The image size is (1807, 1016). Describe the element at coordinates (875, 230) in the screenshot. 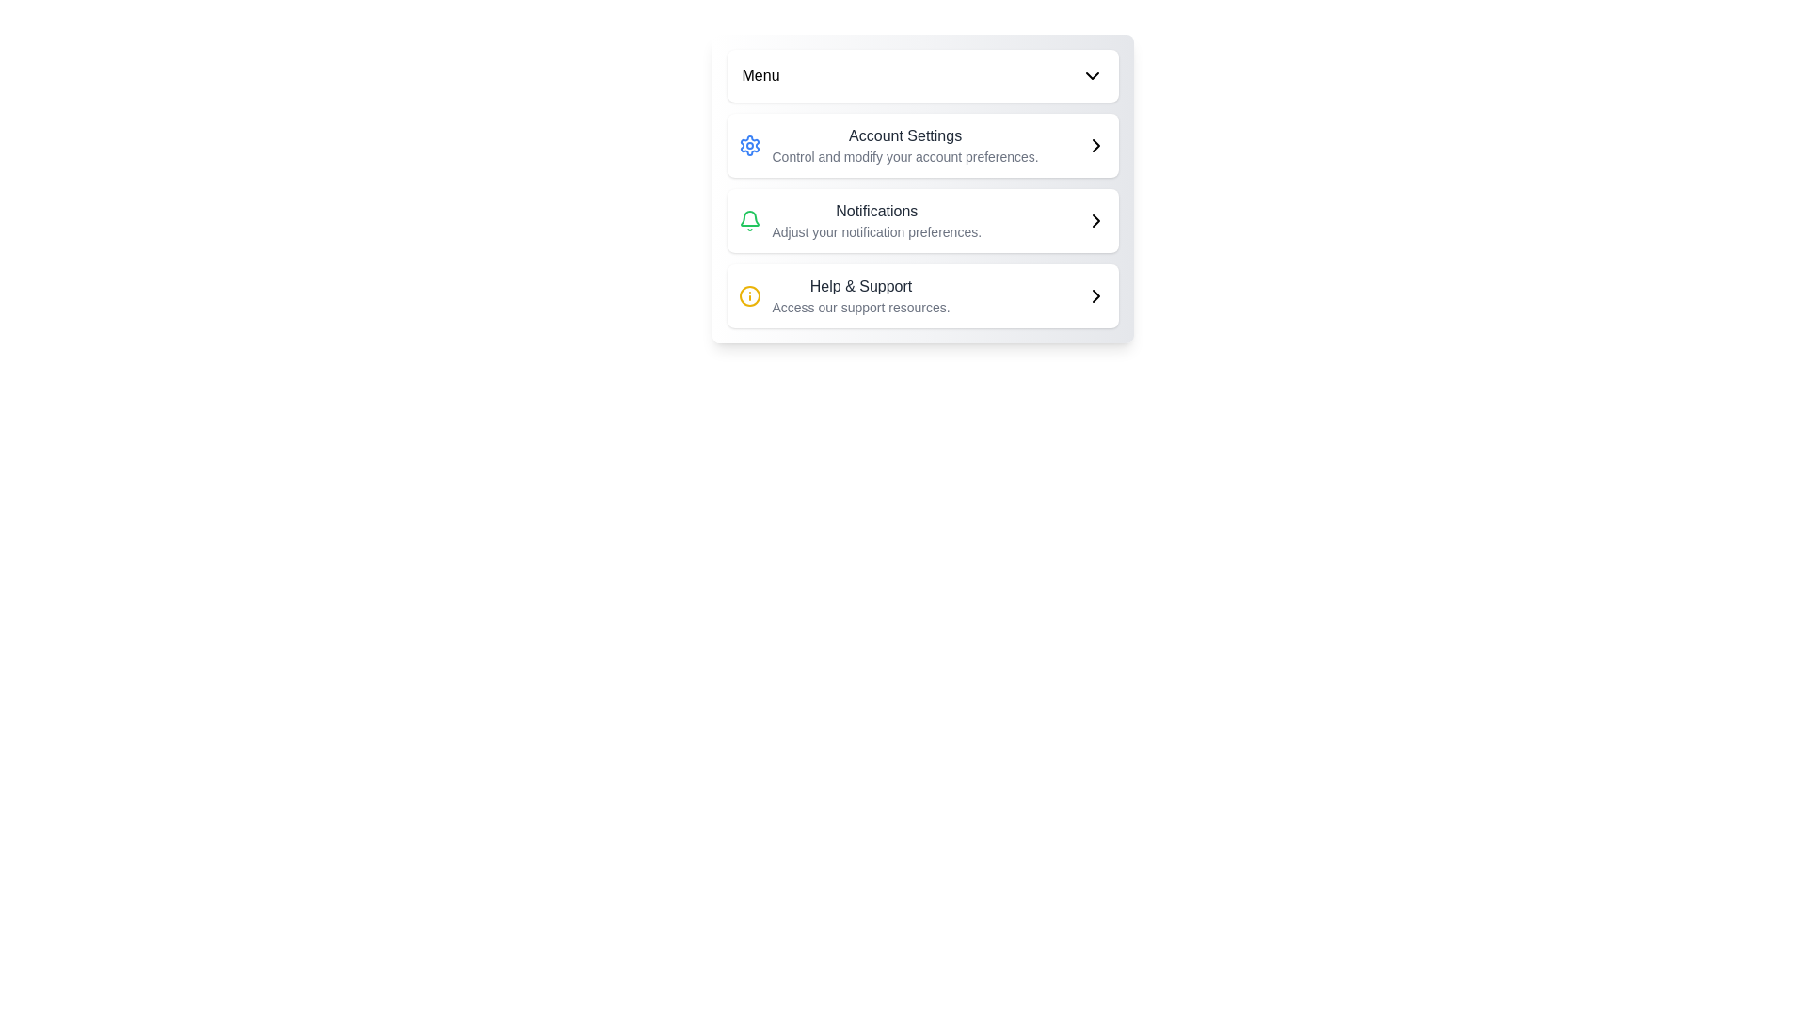

I see `the text that provides additional information about the 'Notifications' option, which is located below the 'Notifications' heading and icon in the menu interface` at that location.